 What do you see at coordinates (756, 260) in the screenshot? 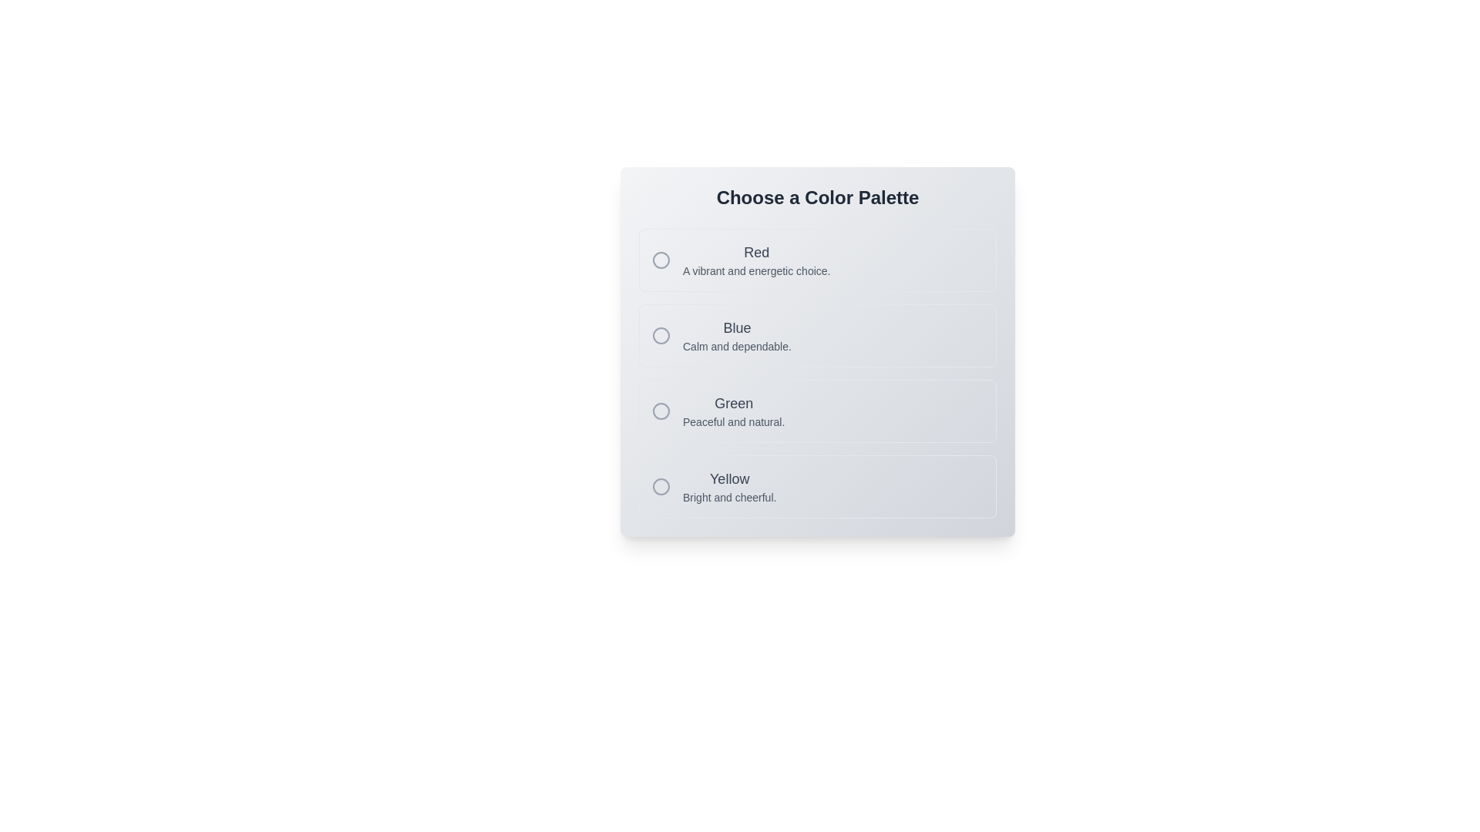
I see `to select the first list item option labeled 'Red', which features bold text and a description underneath` at bounding box center [756, 260].